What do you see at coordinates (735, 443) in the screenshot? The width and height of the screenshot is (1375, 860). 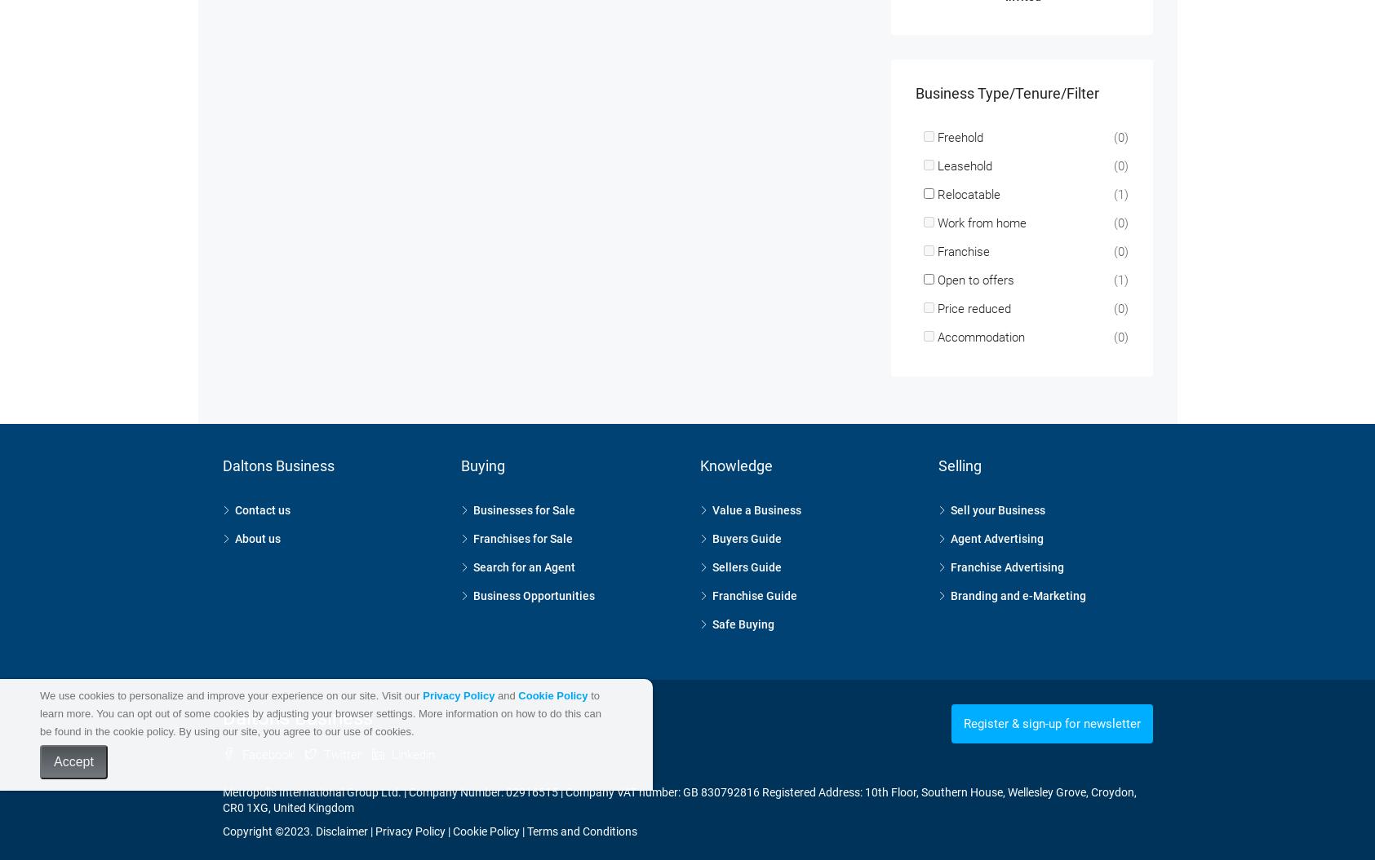 I see `'Knowledge'` at bounding box center [735, 443].